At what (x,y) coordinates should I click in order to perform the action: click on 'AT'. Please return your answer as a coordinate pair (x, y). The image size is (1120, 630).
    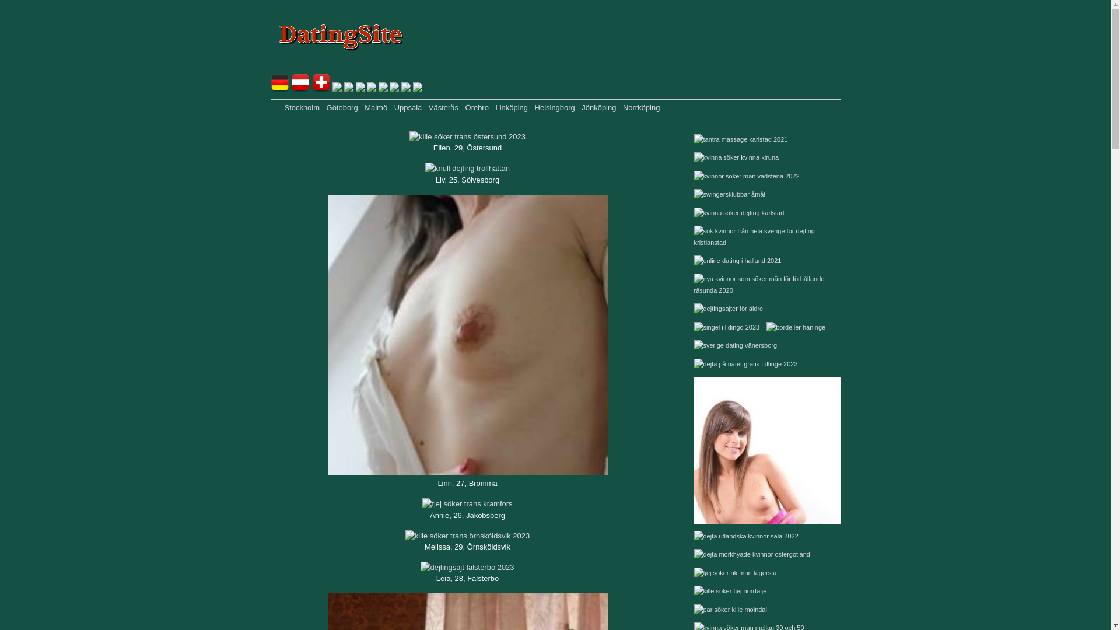
    Looking at the image, I should click on (300, 88).